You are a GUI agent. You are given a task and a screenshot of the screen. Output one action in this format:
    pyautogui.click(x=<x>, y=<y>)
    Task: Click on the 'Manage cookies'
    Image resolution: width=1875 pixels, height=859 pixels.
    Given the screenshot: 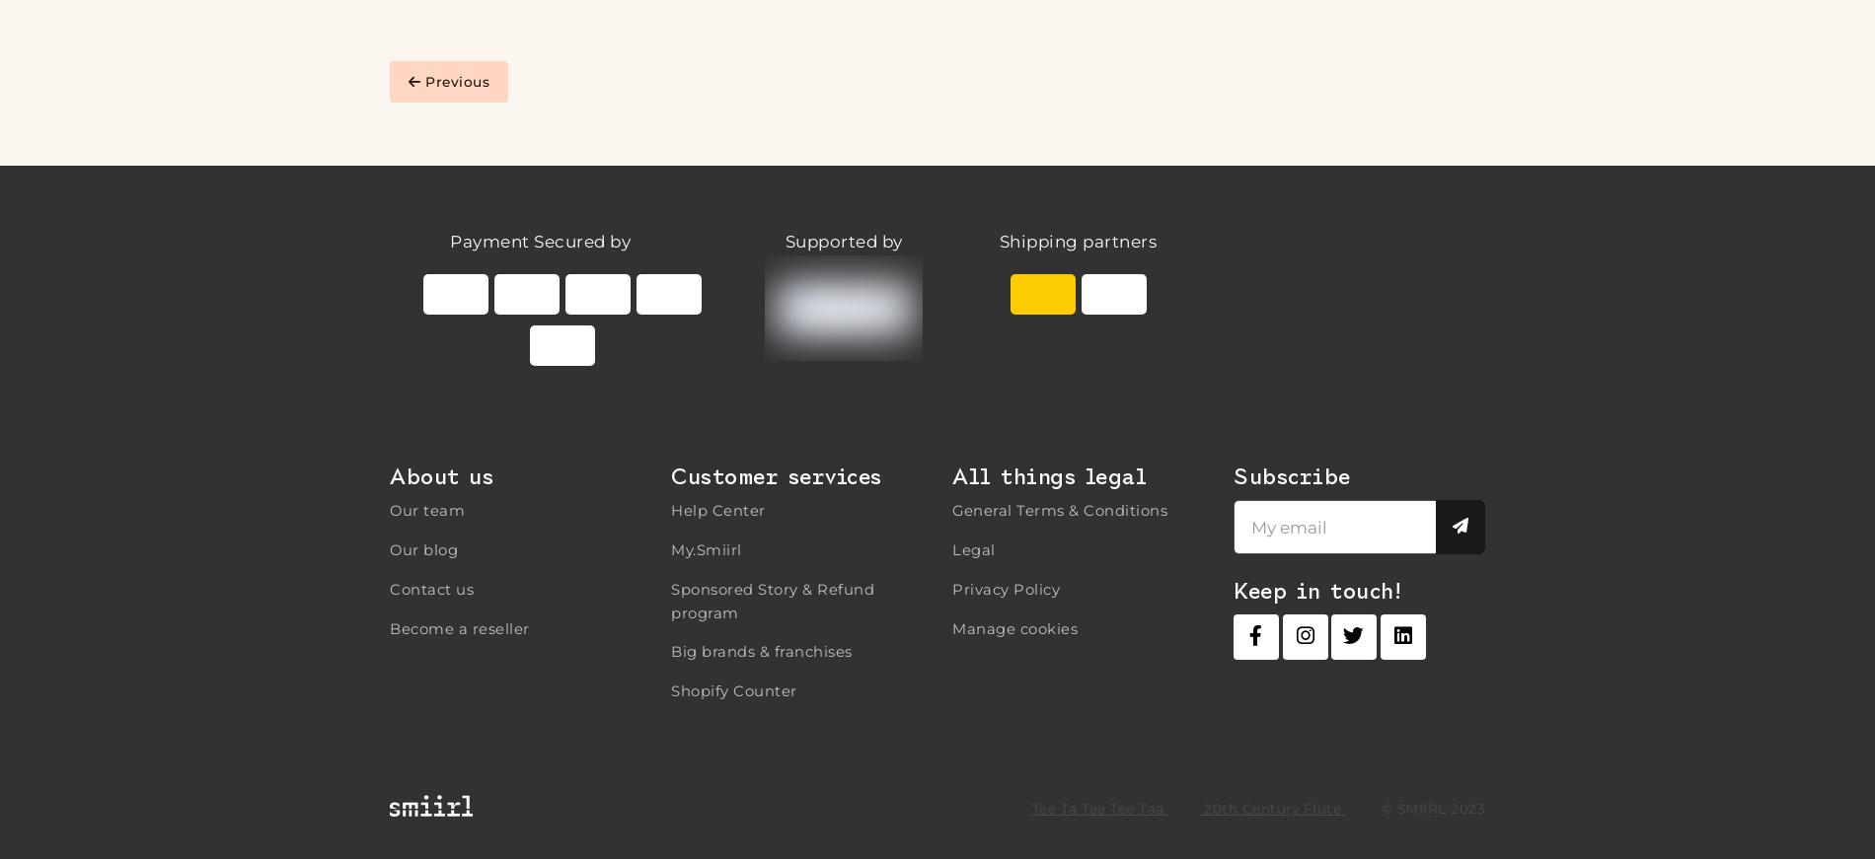 What is the action you would take?
    pyautogui.click(x=1014, y=626)
    